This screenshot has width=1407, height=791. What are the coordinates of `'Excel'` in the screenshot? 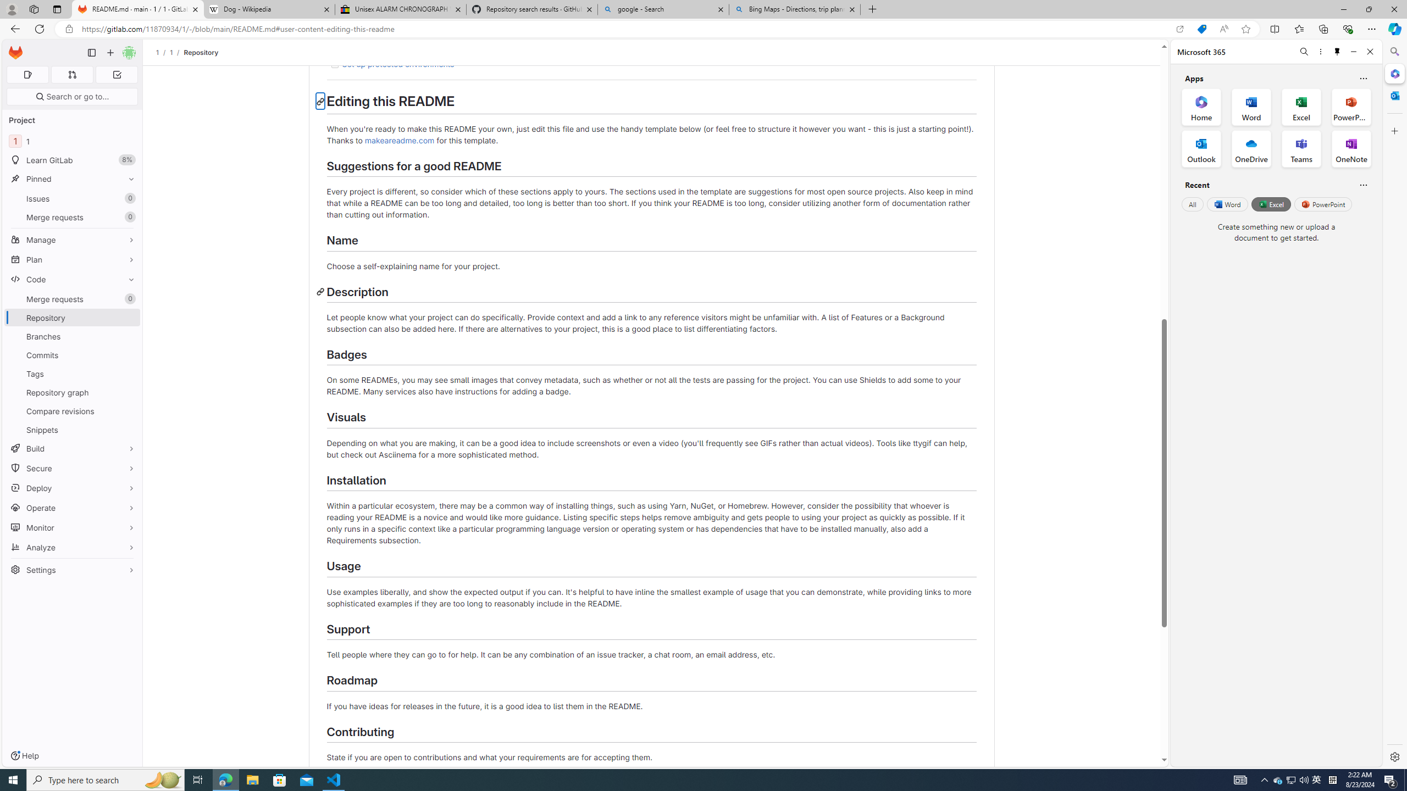 It's located at (1270, 204).